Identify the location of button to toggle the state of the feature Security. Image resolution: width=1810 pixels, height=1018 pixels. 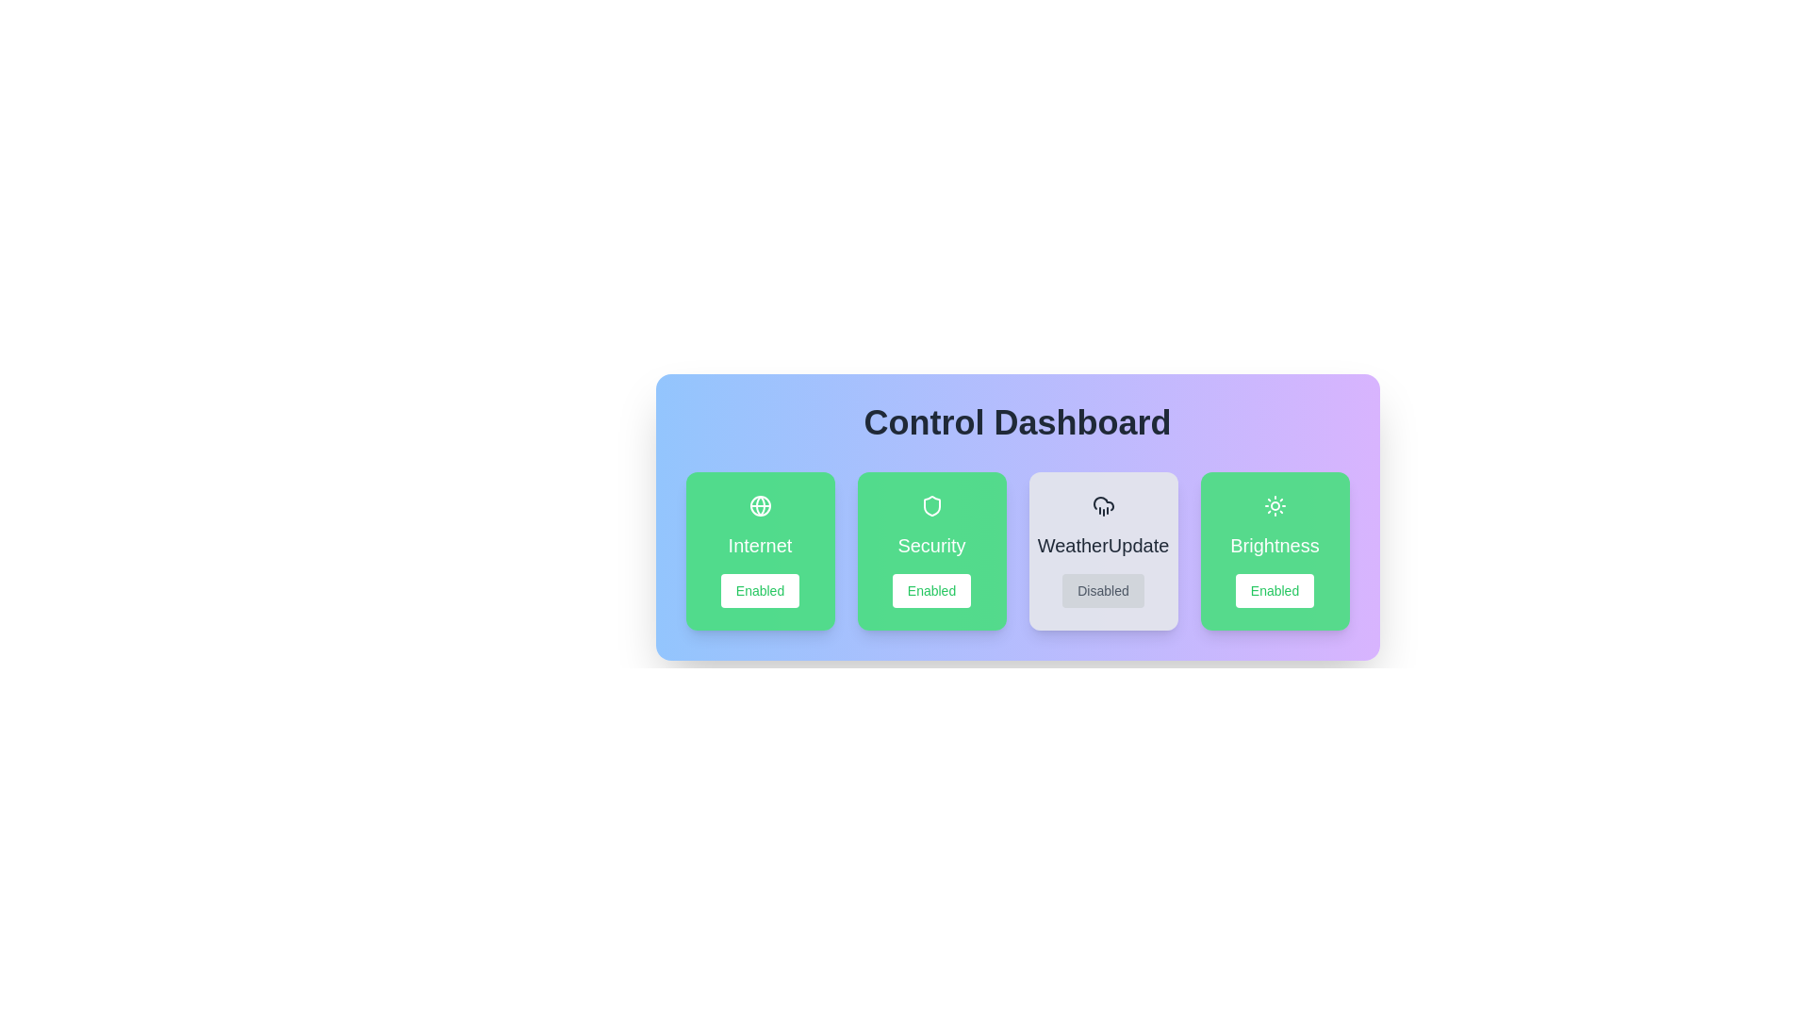
(931, 590).